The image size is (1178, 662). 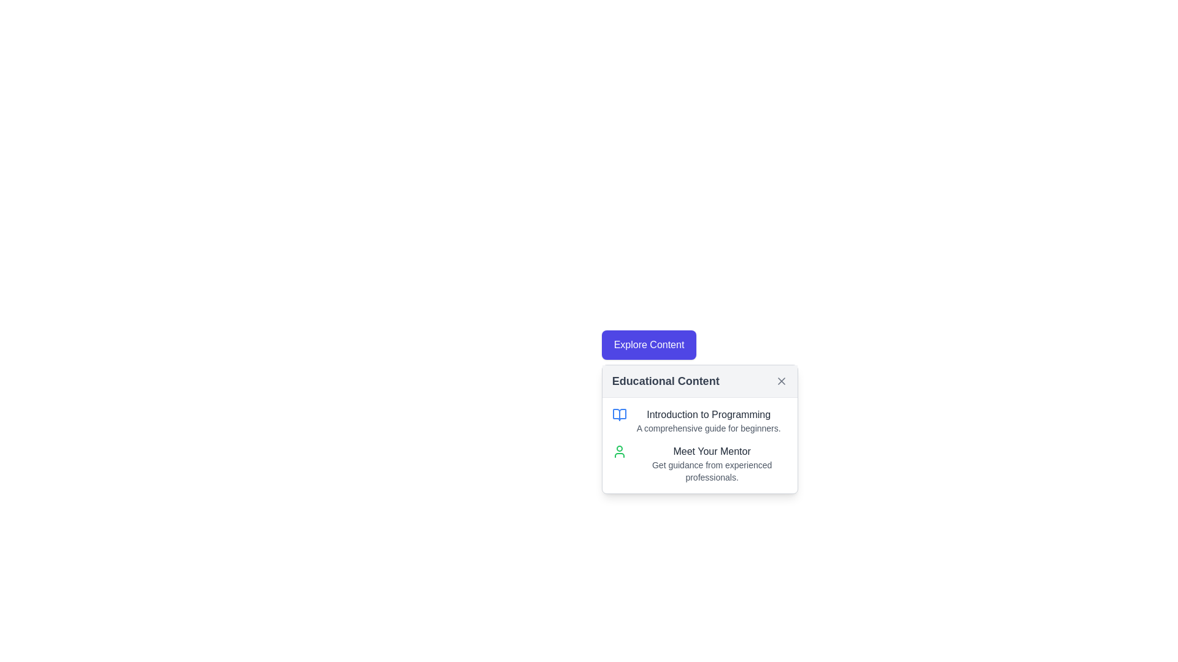 I want to click on the user icon with a green outline located in the second row of the 'Educational Content' section, next to the 'Meet Your Mentor' text, so click(x=619, y=451).